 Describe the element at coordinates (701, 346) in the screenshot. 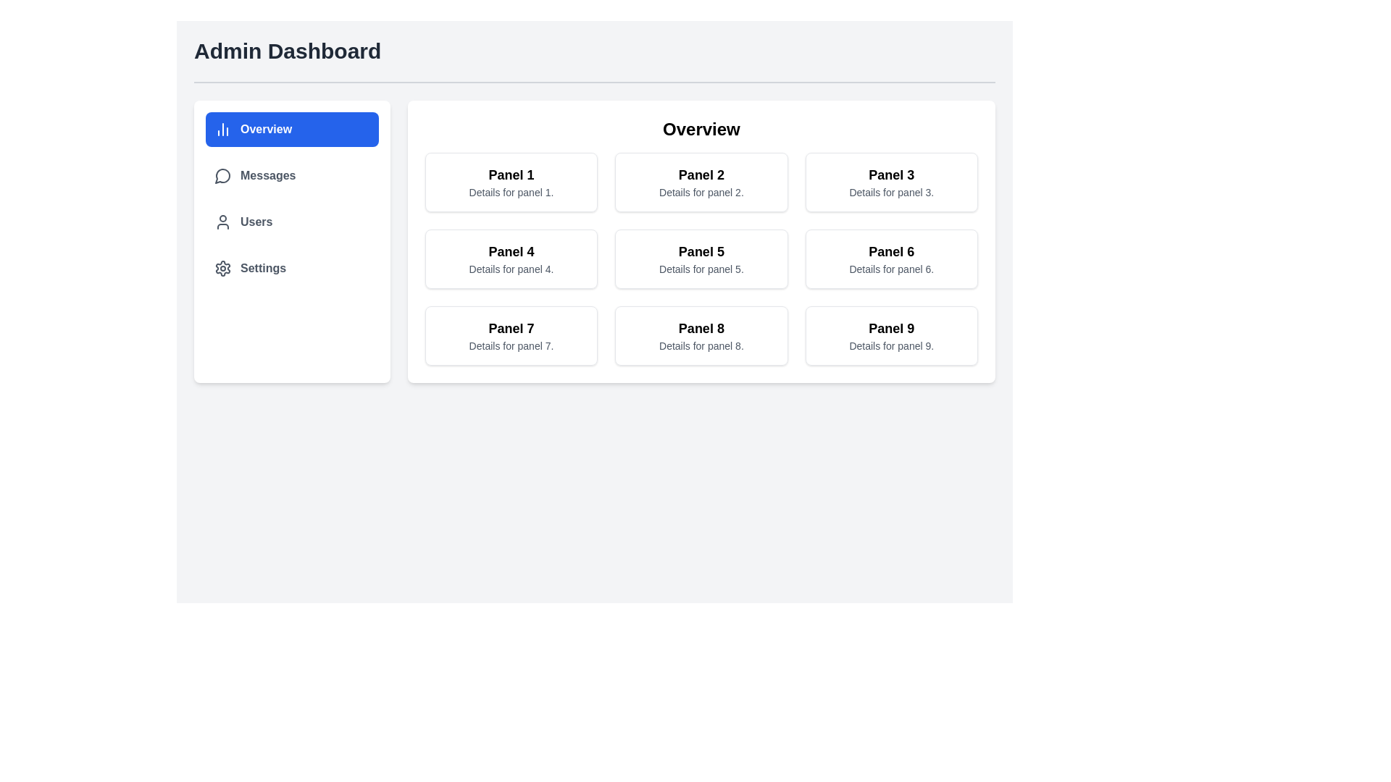

I see `the text label reading 'Details for panel 8.' which is styled in a small gray font located below the 'Panel 8' heading in the bordered panel` at that location.